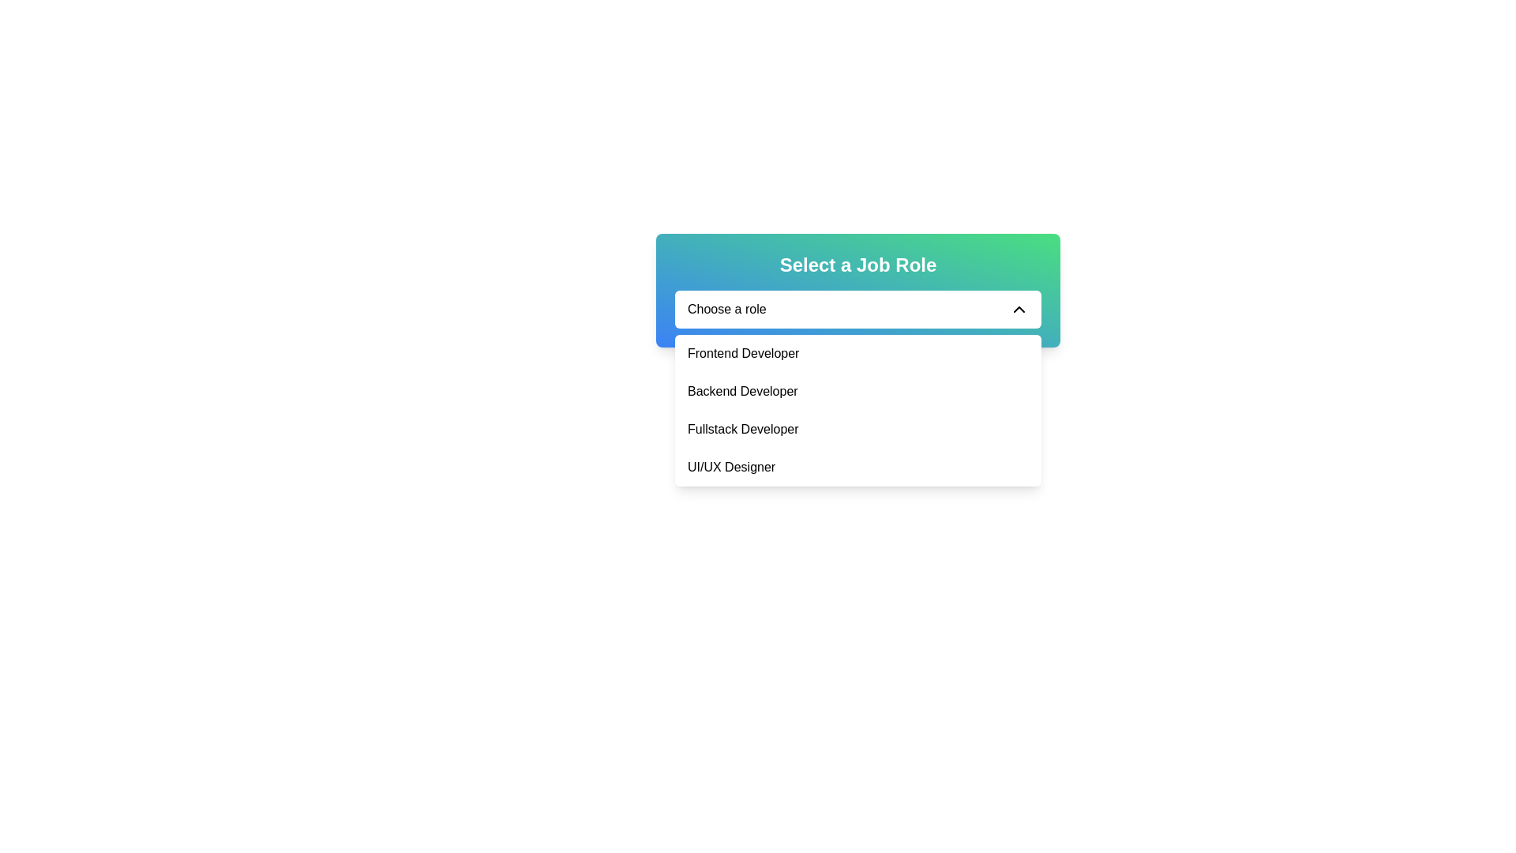 The height and width of the screenshot is (853, 1516). Describe the element at coordinates (1019, 310) in the screenshot. I see `the chevron icon on the right side of the selection box labeled 'Choose a role'` at that location.